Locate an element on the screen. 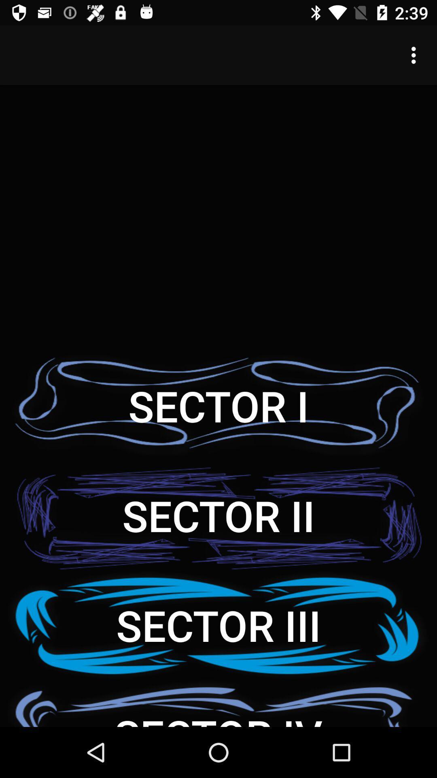  item above the sector ii is located at coordinates (218, 406).